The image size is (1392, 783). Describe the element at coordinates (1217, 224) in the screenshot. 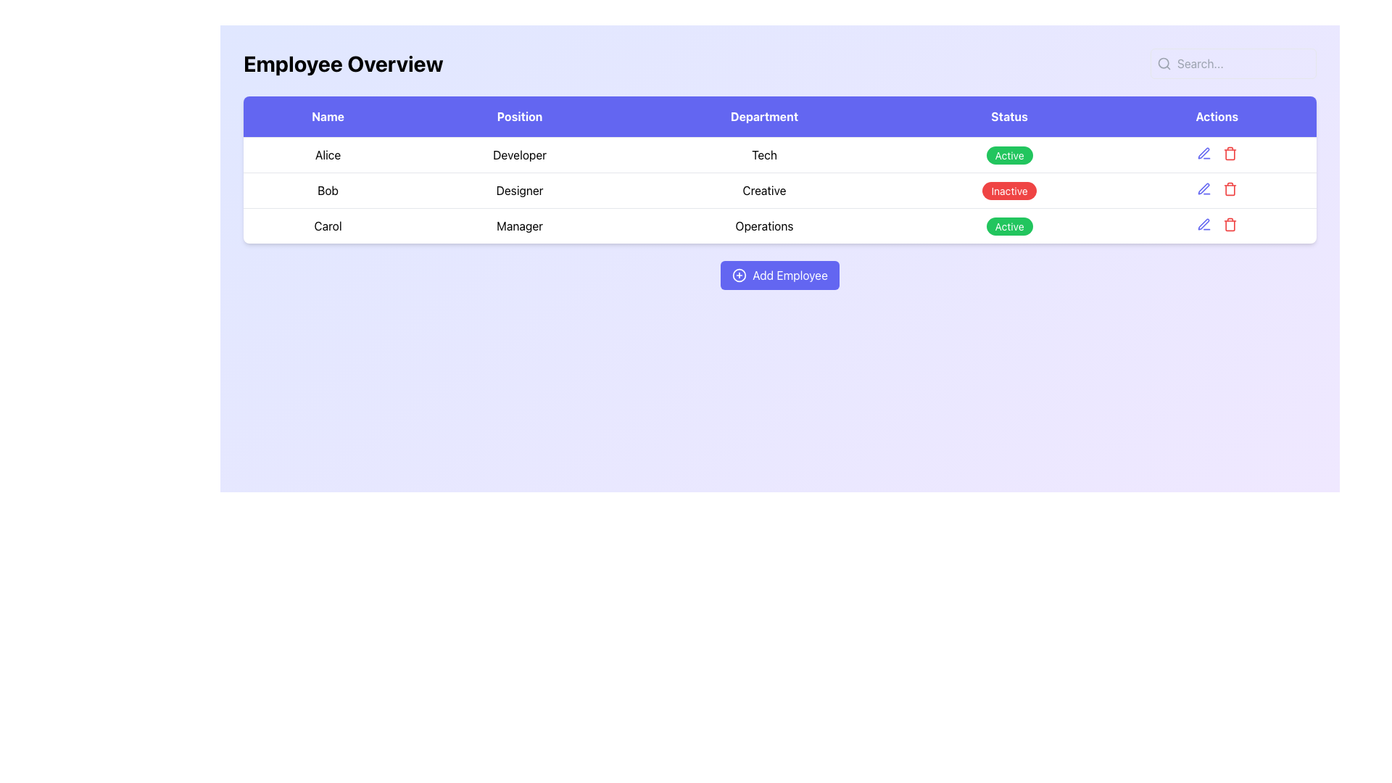

I see `the Toolbar containing interactive icons located in the 'Actions' column of the row for 'Carol, Manager, Operations, Active'` at that location.